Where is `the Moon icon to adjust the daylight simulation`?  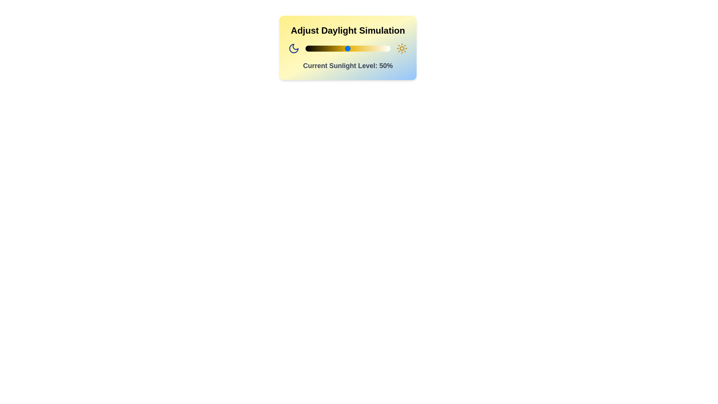 the Moon icon to adjust the daylight simulation is located at coordinates (294, 49).